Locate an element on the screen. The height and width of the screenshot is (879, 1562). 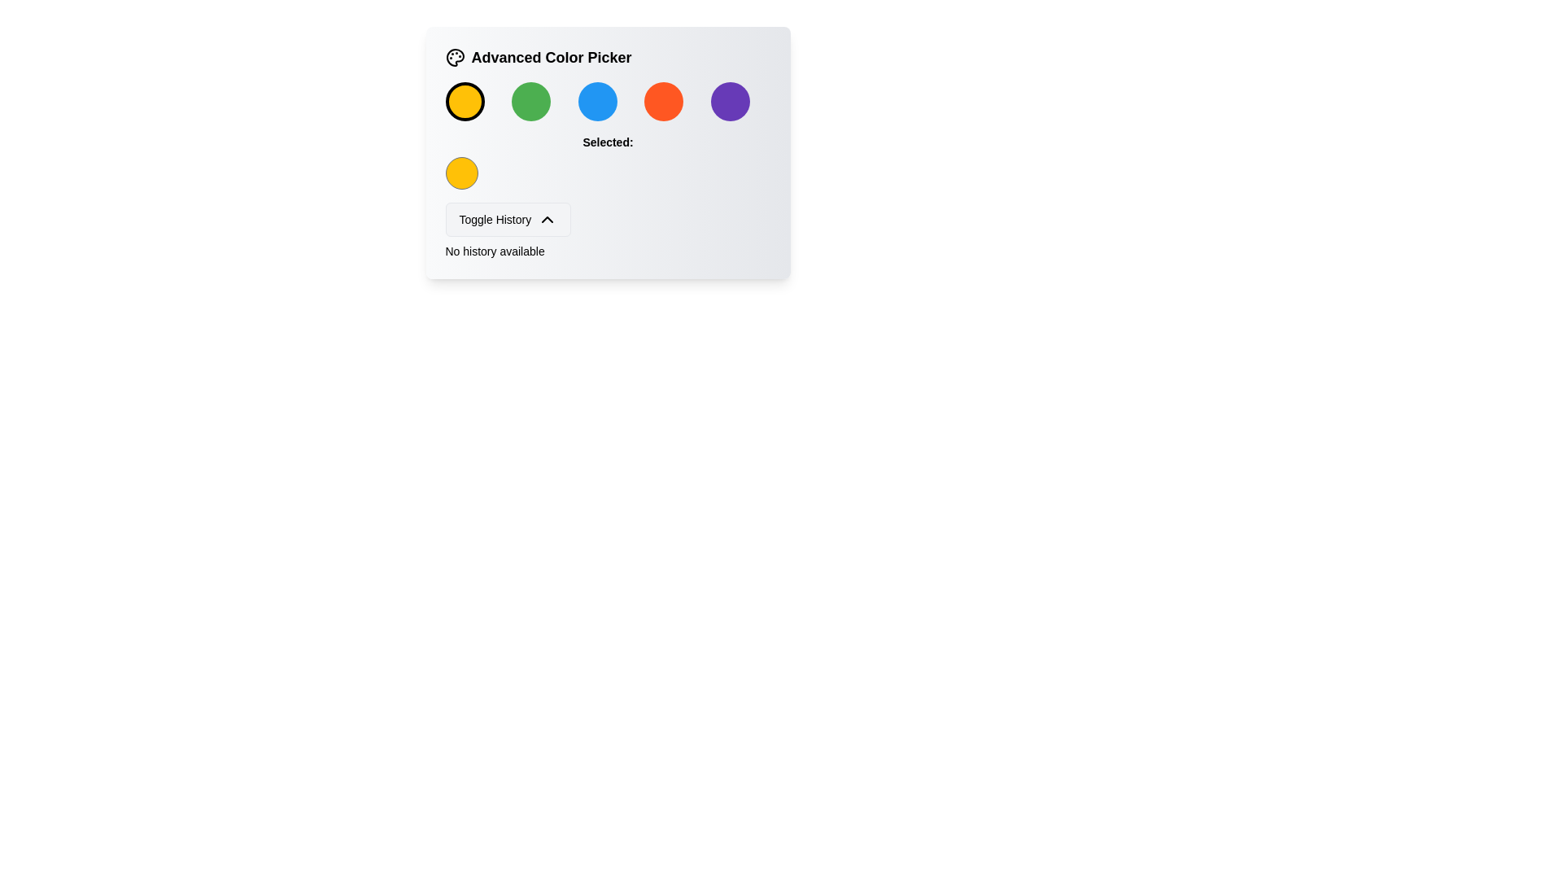
the palette icon located to the left of the 'Advanced Color Picker' text in the heading bar is located at coordinates (455, 56).